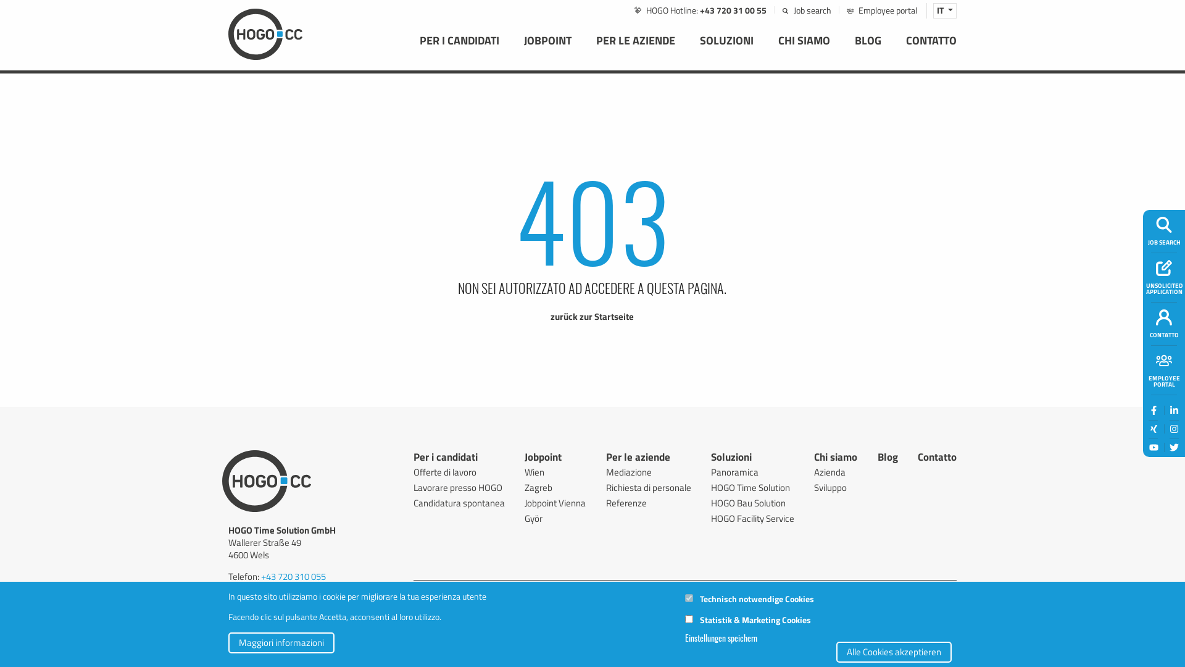  Describe the element at coordinates (543, 459) in the screenshot. I see `'Jobpoint'` at that location.